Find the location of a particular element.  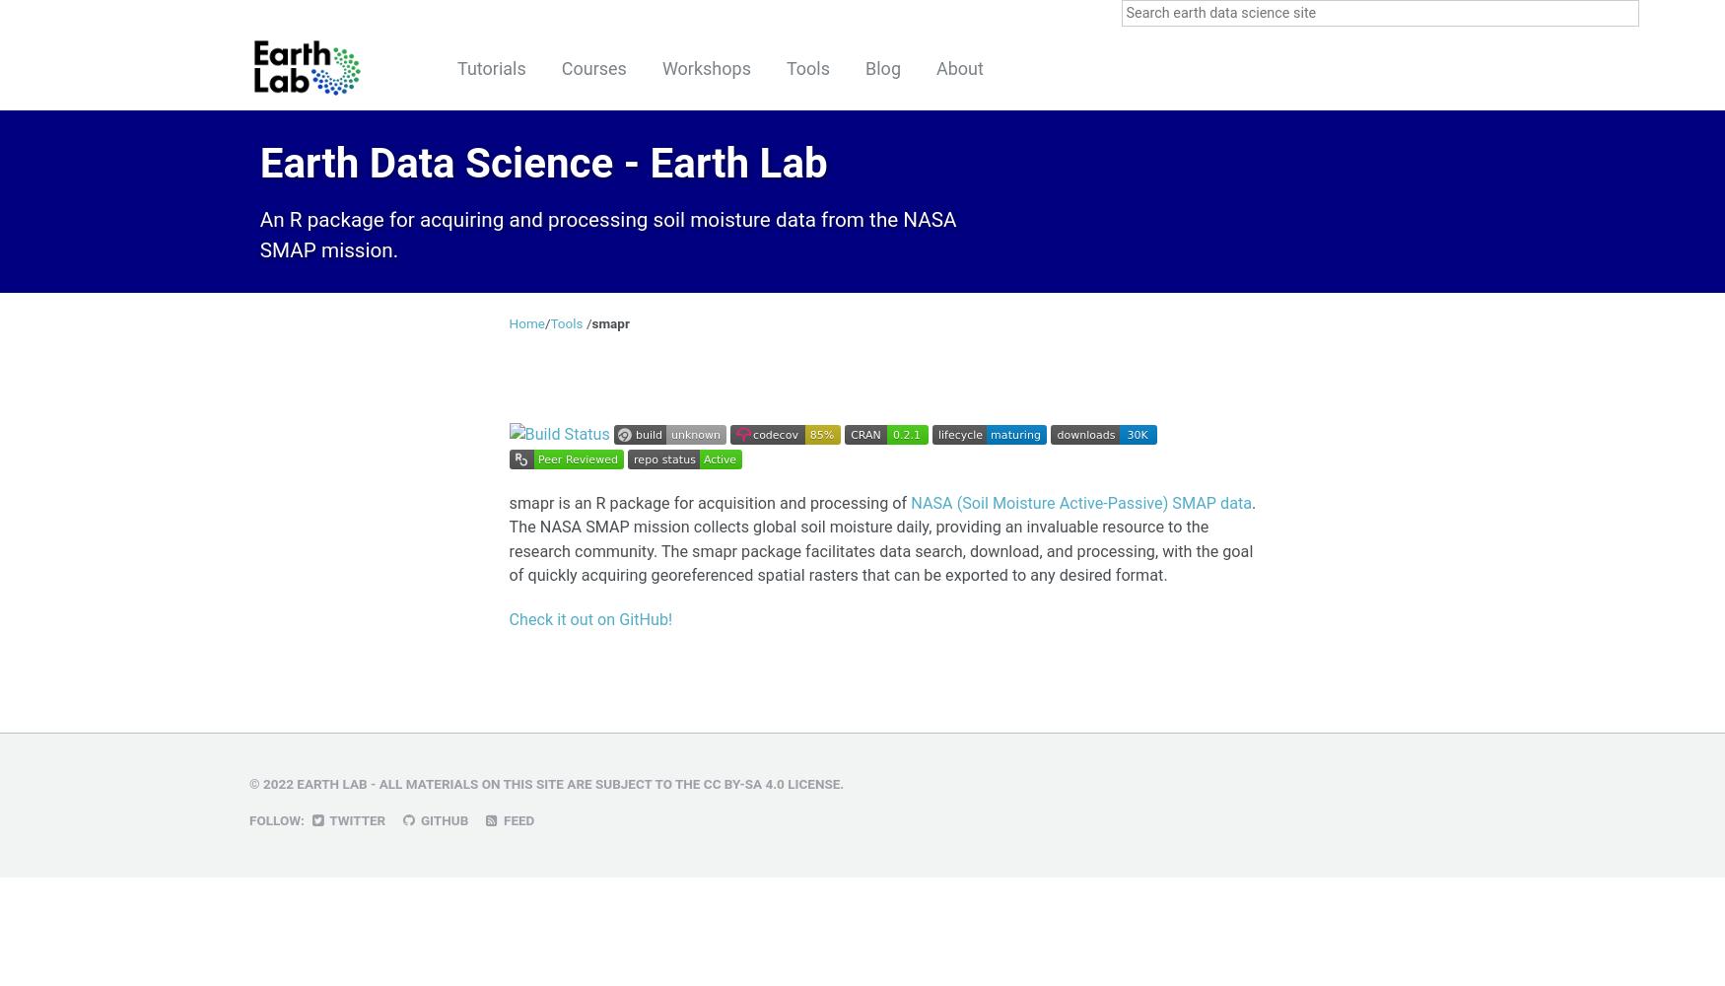

'Earth Data Science - Earth Lab' is located at coordinates (542, 162).